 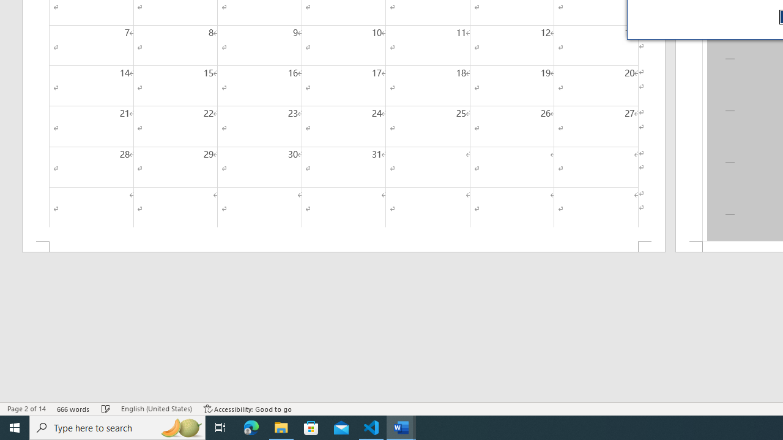 What do you see at coordinates (15, 427) in the screenshot?
I see `'Start'` at bounding box center [15, 427].